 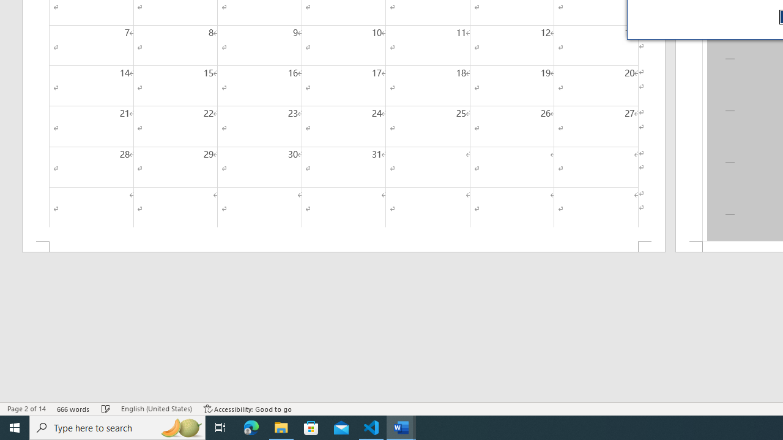 What do you see at coordinates (15, 427) in the screenshot?
I see `'Start'` at bounding box center [15, 427].